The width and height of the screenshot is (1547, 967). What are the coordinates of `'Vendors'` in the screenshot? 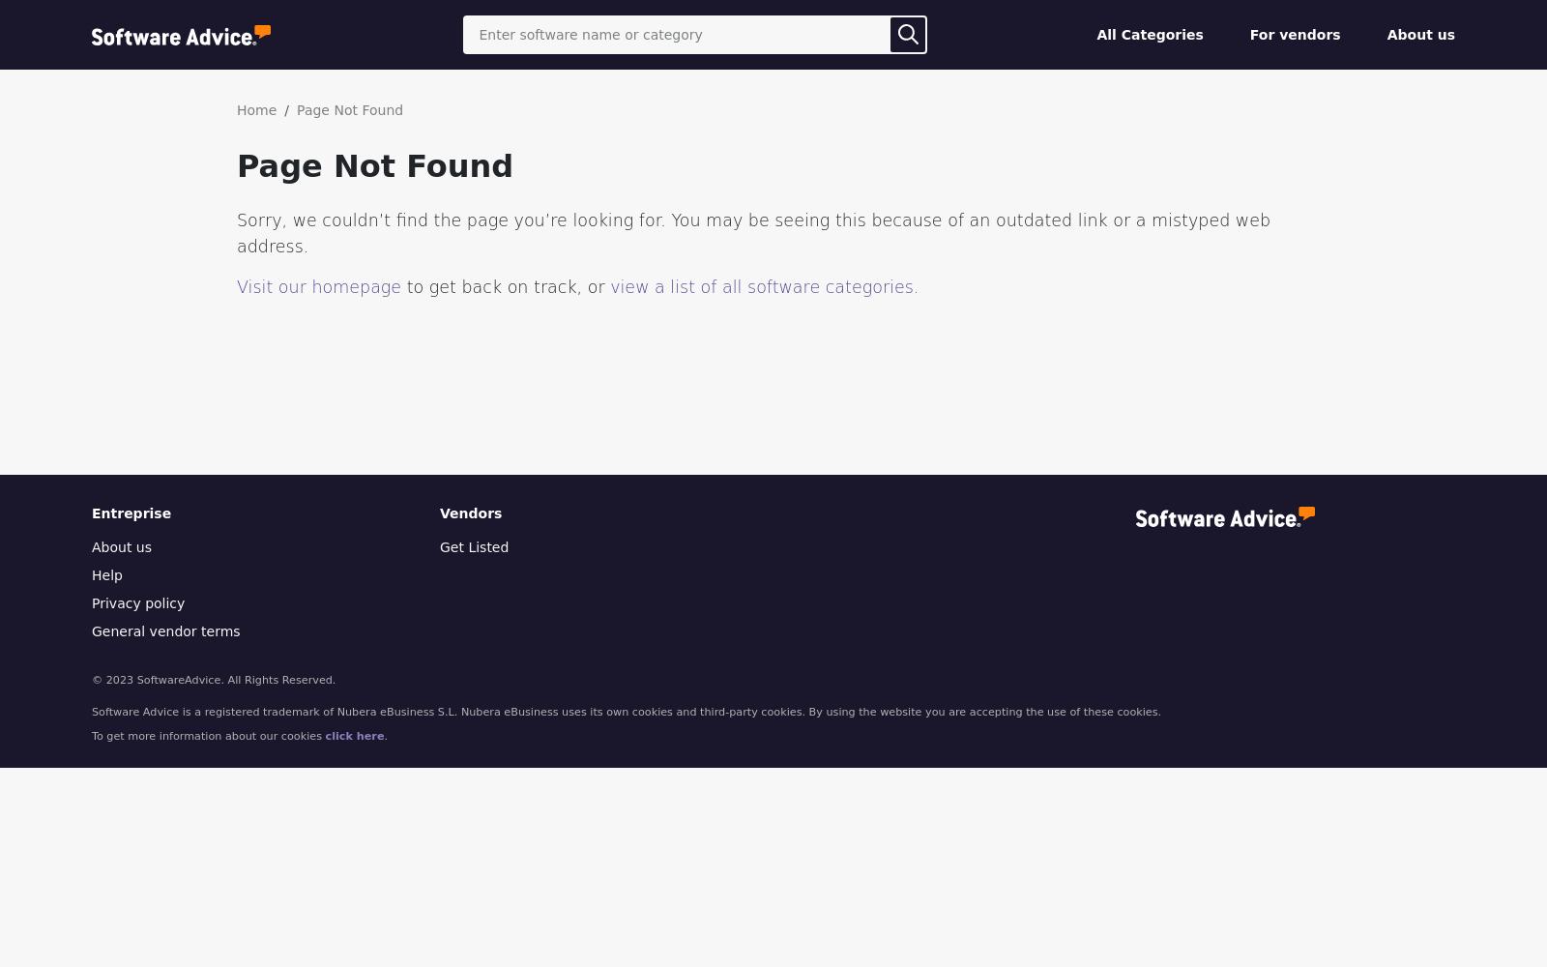 It's located at (470, 513).